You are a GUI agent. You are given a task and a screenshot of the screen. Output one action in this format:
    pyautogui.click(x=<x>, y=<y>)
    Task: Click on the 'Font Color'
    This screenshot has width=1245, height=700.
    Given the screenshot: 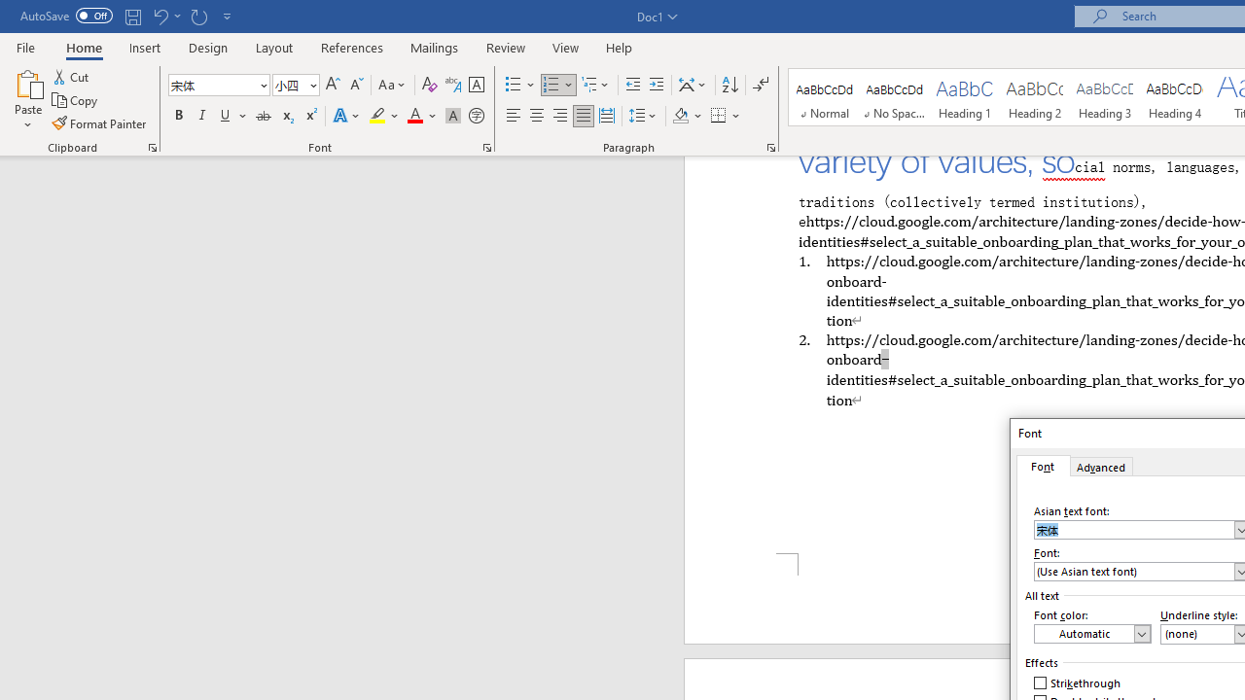 What is the action you would take?
    pyautogui.click(x=421, y=116)
    